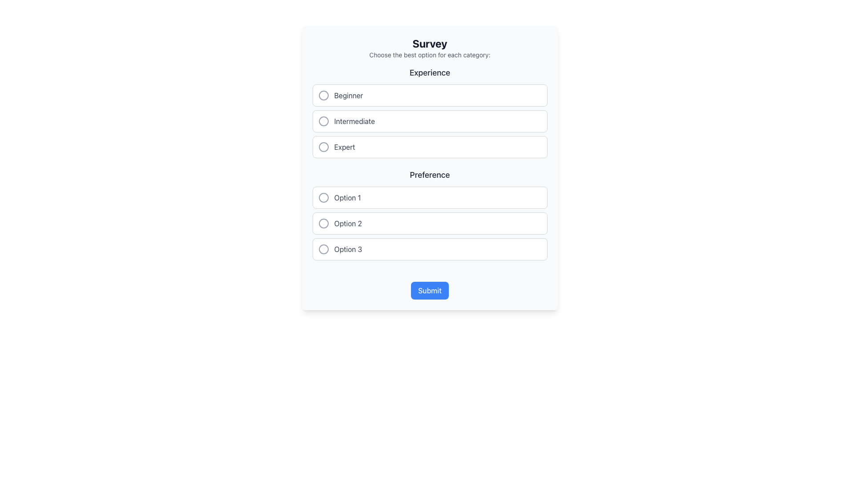 Image resolution: width=854 pixels, height=480 pixels. Describe the element at coordinates (323, 249) in the screenshot. I see `the unchecked Radio button located to the left of 'Option 3' in the 'Preference' section` at that location.